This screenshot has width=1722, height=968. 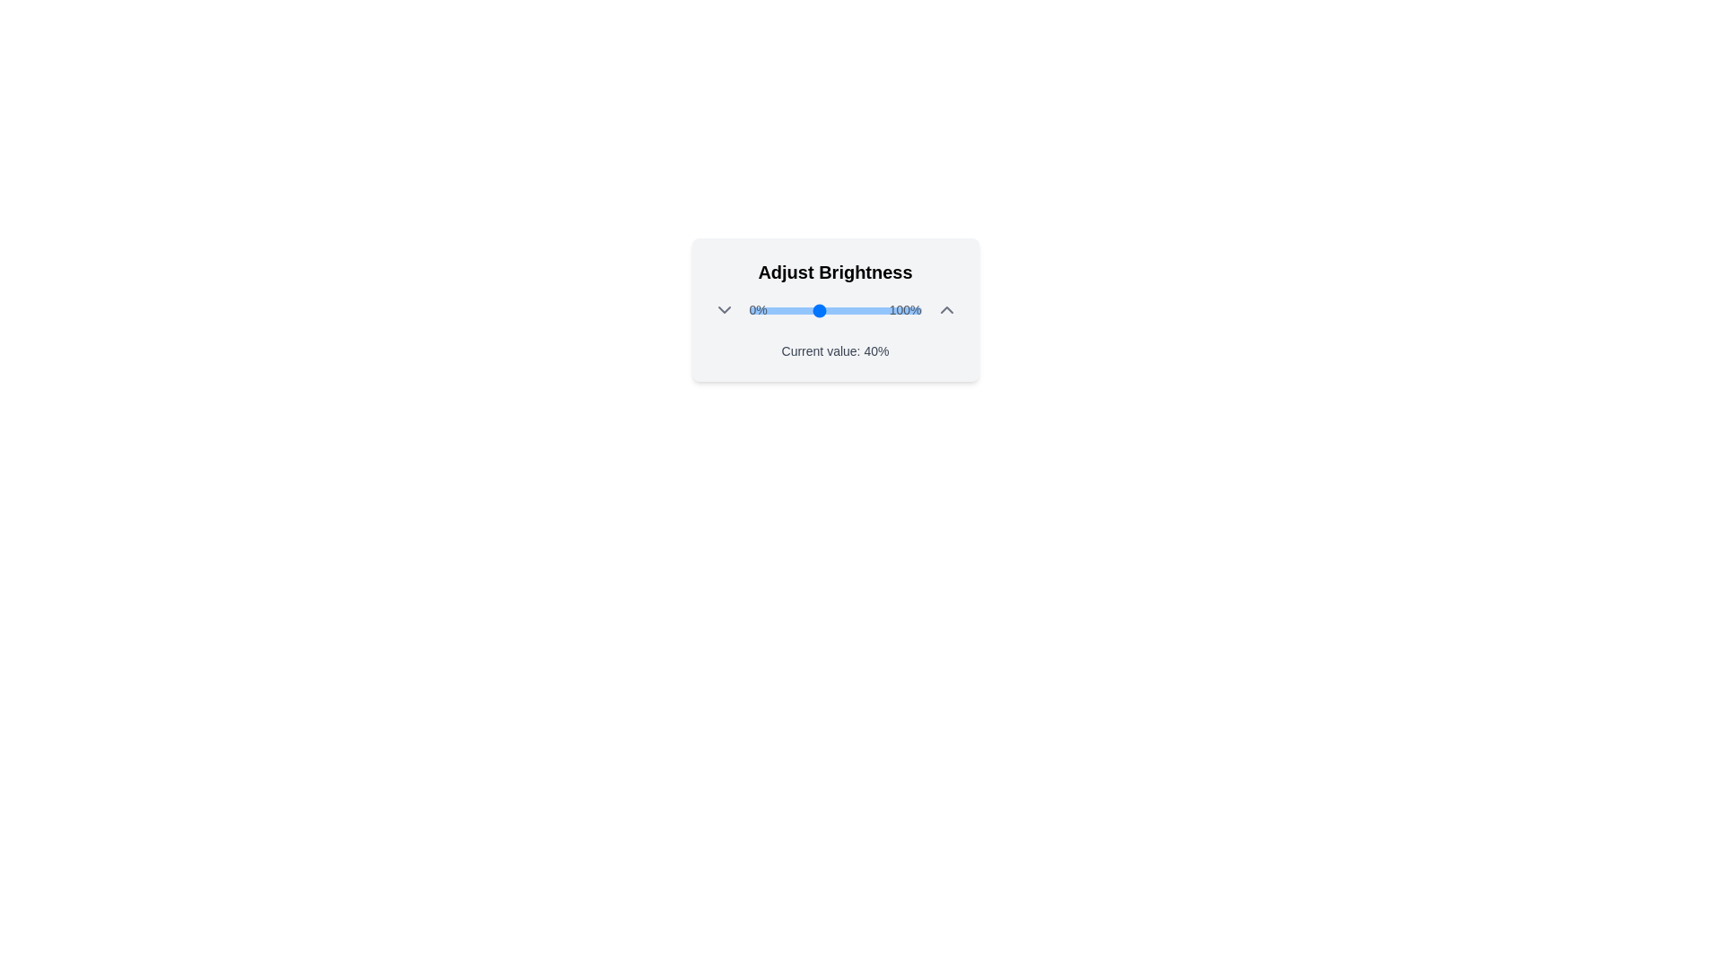 I want to click on brightness, so click(x=919, y=310).